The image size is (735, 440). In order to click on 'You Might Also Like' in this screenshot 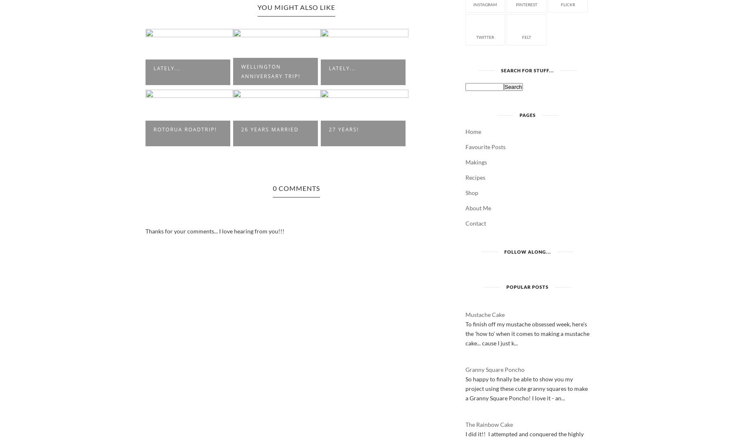, I will do `click(296, 7)`.